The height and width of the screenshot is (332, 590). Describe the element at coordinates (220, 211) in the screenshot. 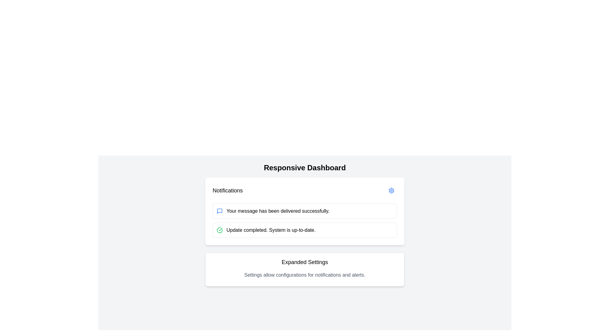

I see `the blue speech bubble icon that signifies messages or comments, located to the left of the text indicating successful message delivery` at that location.